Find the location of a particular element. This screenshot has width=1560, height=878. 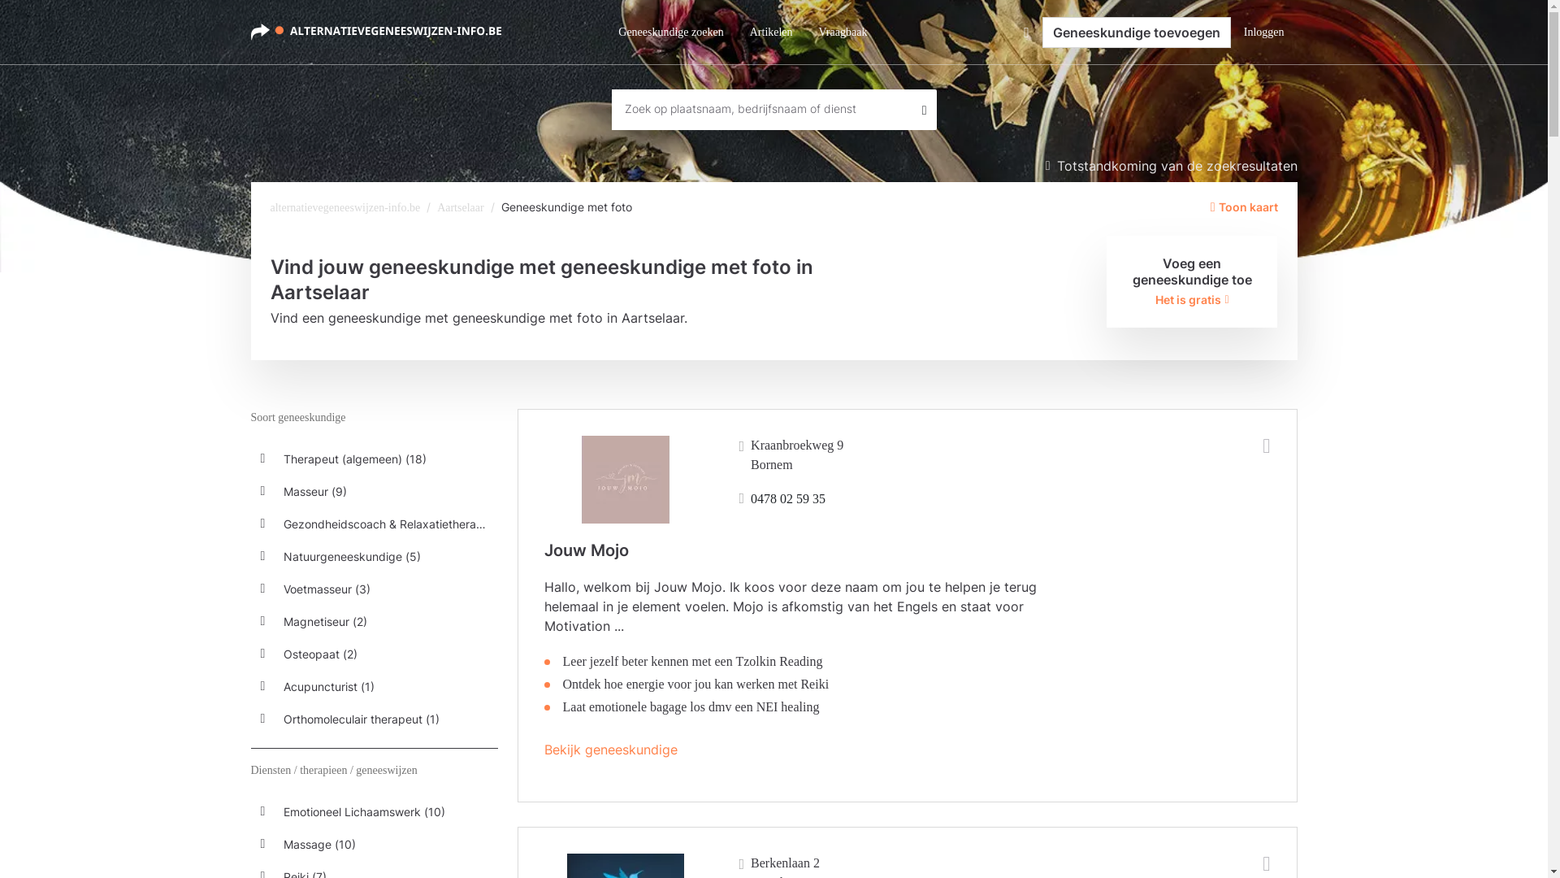

'Masseur (9)' is located at coordinates (373, 490).